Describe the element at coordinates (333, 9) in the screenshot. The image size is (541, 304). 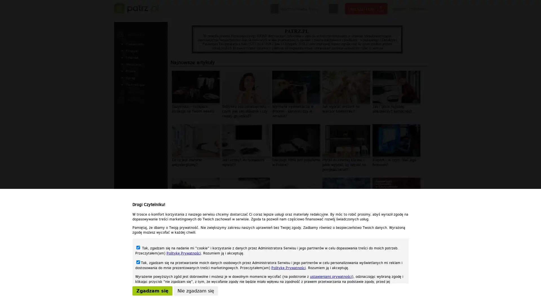
I see `Szukaj` at that location.